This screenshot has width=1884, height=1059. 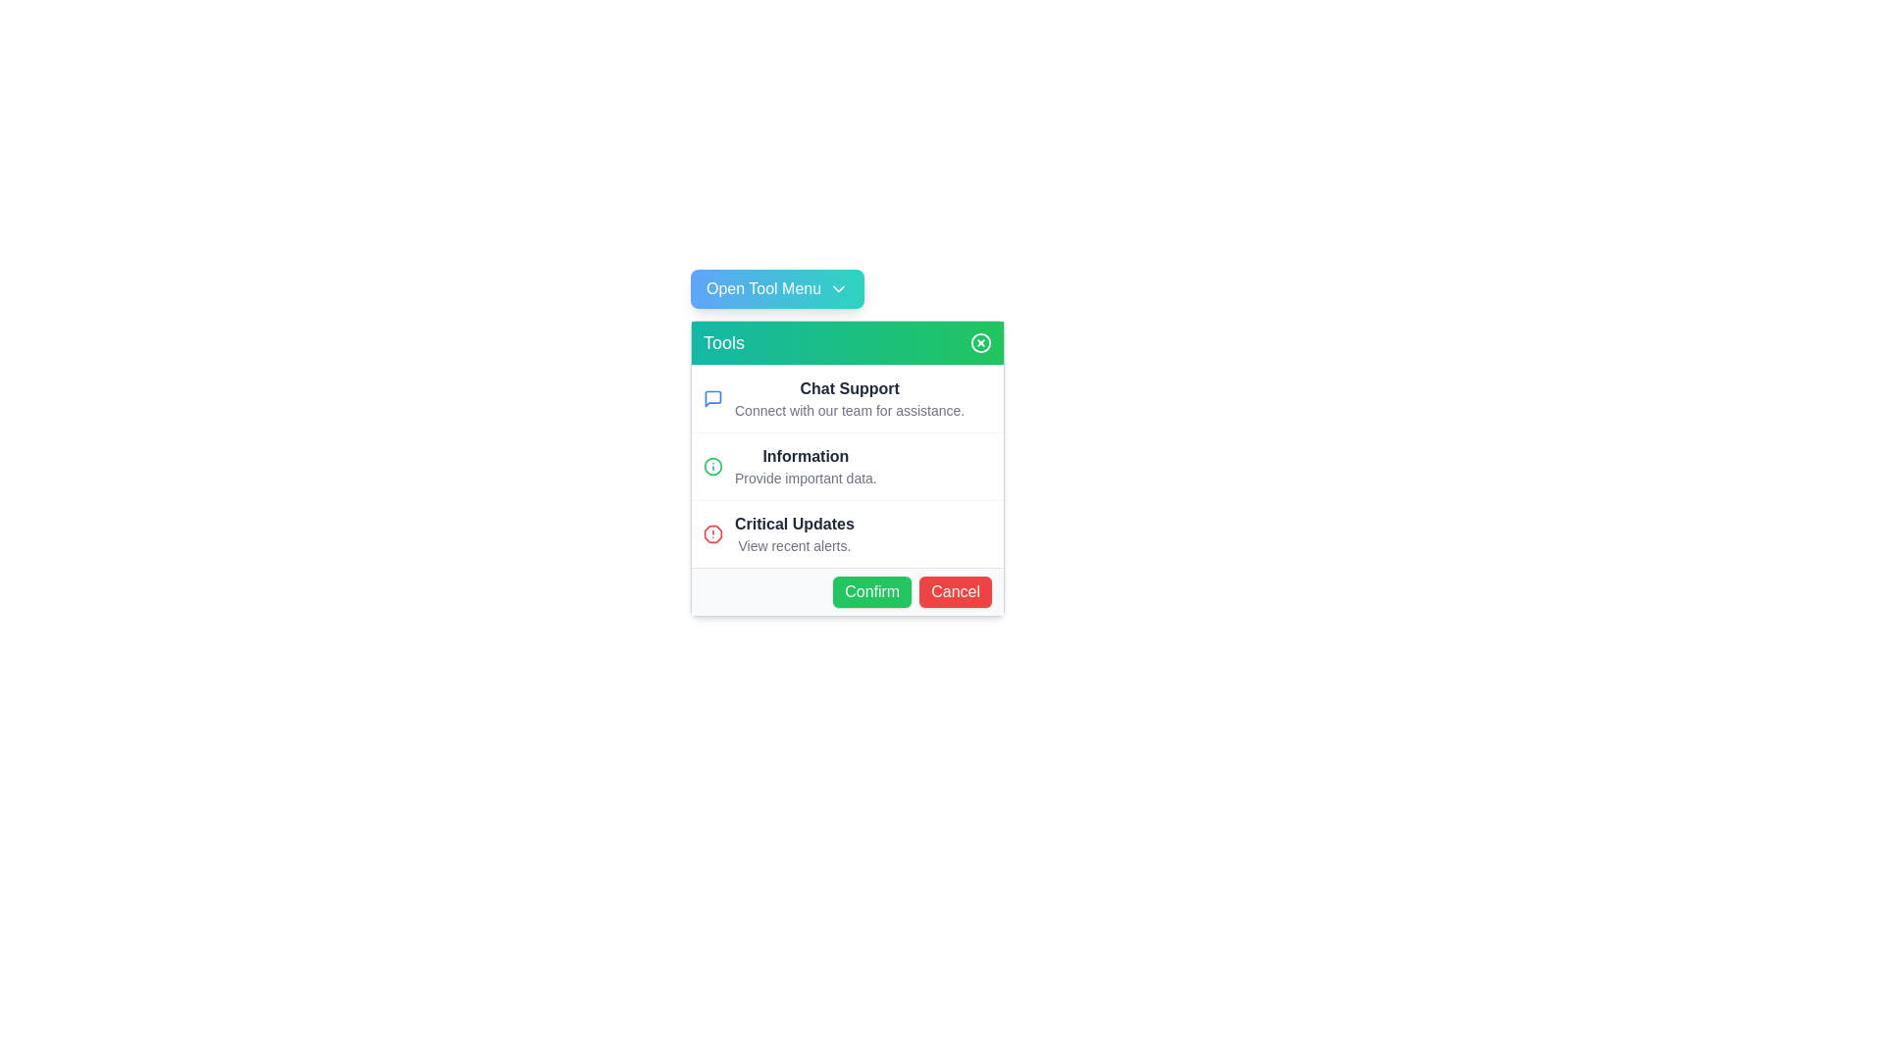 I want to click on the text label located at the top-left of the green gradient header bar, which serves as a title for the section and helps identify the context of the view below, so click(x=723, y=342).